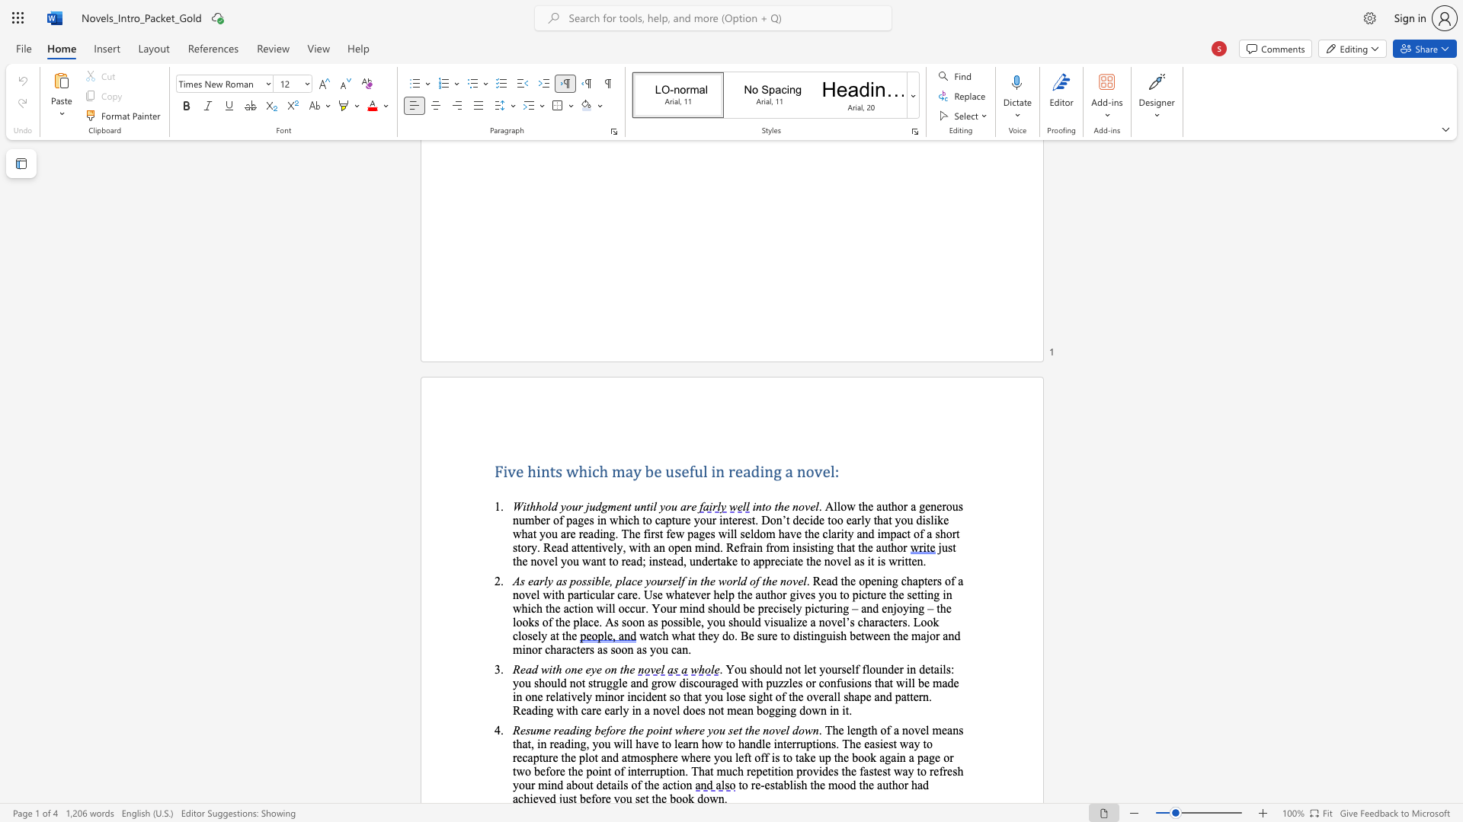 Image resolution: width=1463 pixels, height=822 pixels. What do you see at coordinates (850, 771) in the screenshot?
I see `the subset text "e fastest way to refresh your mind about" within the text "the fastest way to refresh your mind about details of the action"` at bounding box center [850, 771].